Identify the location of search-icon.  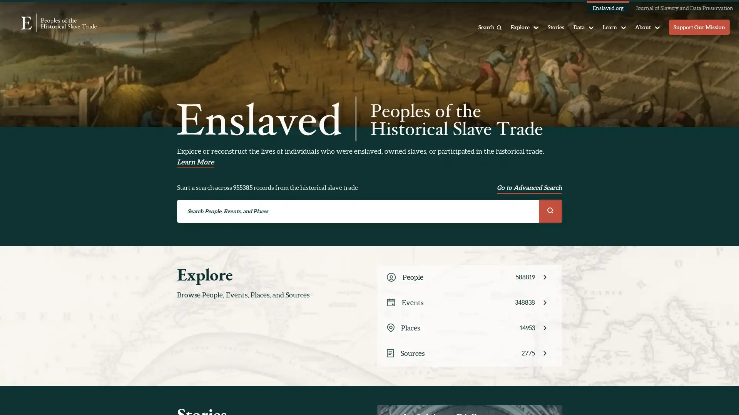
(550, 211).